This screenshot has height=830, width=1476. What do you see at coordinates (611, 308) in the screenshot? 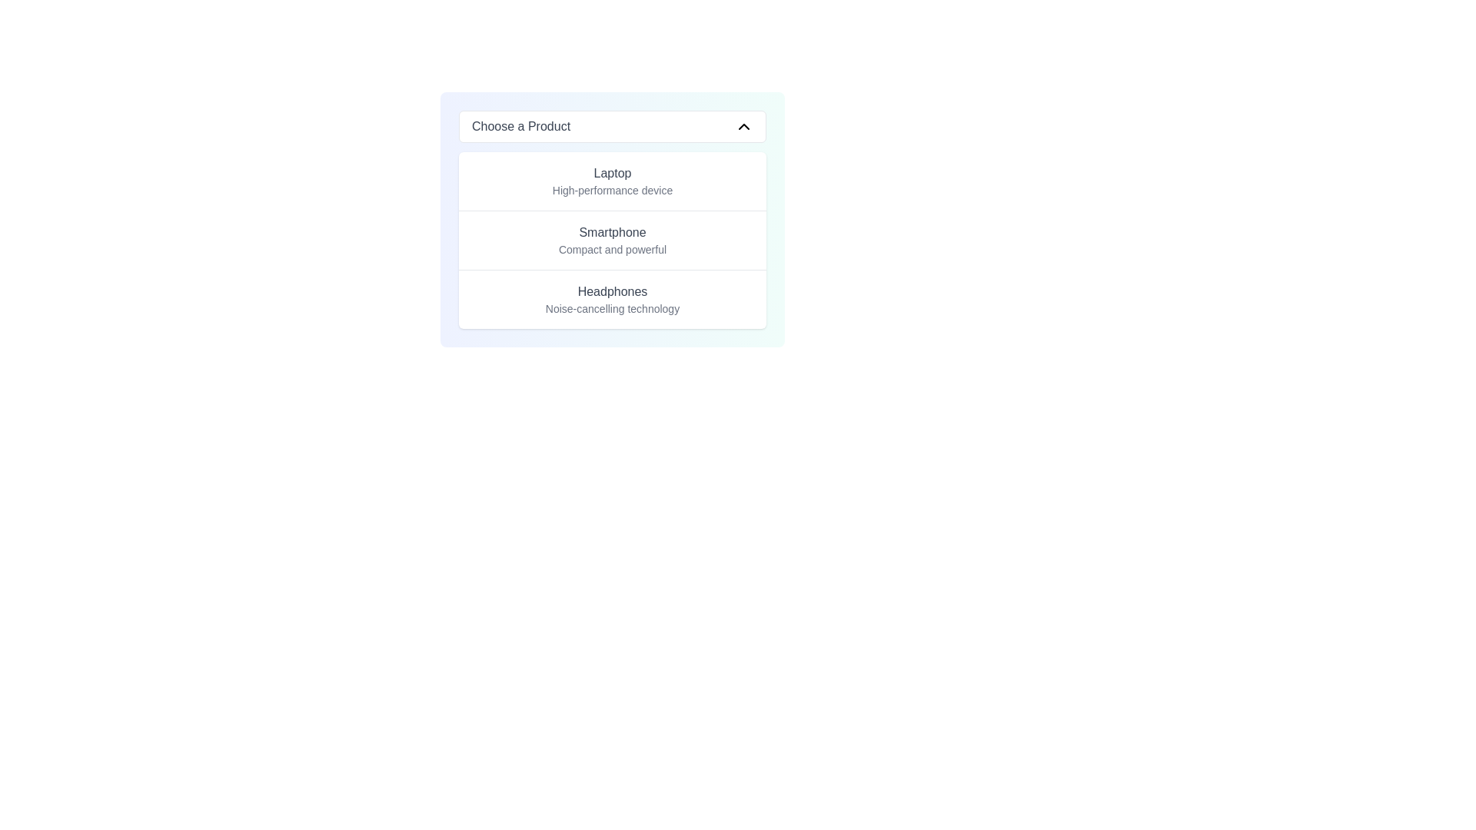
I see `the text label displaying 'Noise-cancelling technology', which is styled in a small gray font and located beneath the 'Headphones' text` at bounding box center [611, 308].